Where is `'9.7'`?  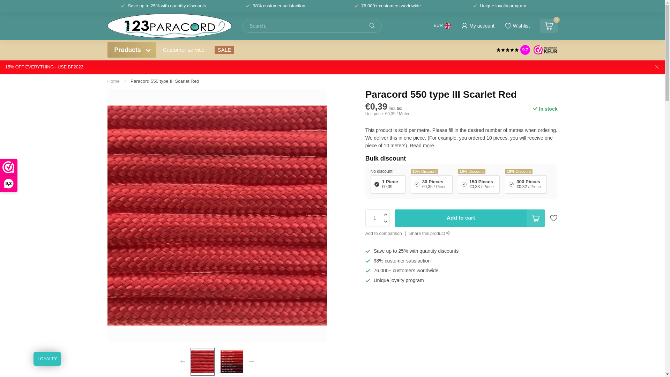 '9.7' is located at coordinates (525, 49).